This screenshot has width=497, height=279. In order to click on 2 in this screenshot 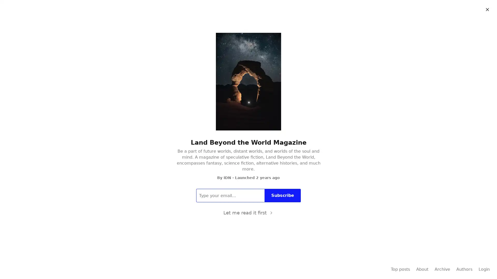, I will do `click(171, 237)`.